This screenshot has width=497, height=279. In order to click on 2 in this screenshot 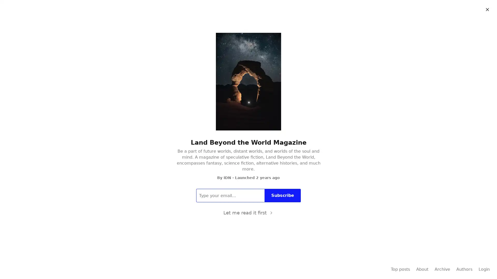, I will do `click(171, 237)`.